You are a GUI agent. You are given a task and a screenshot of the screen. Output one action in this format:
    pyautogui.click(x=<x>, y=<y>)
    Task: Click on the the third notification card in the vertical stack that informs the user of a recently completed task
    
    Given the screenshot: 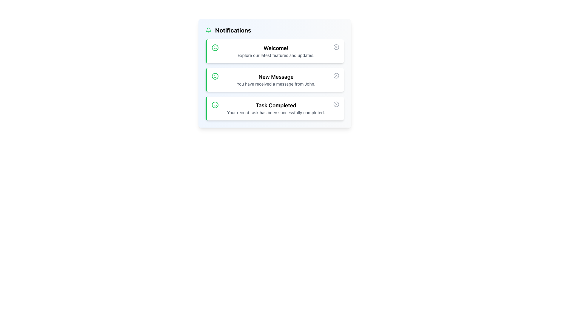 What is the action you would take?
    pyautogui.click(x=275, y=108)
    